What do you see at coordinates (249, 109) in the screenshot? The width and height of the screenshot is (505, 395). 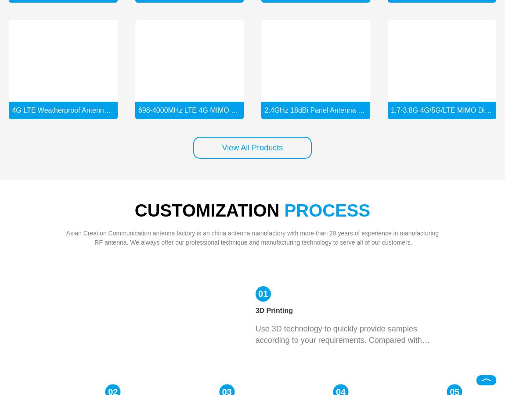 I see `'698-4000MHz LTE 4G MIMO Panel Outdoor Antenna With N Connector'` at bounding box center [249, 109].